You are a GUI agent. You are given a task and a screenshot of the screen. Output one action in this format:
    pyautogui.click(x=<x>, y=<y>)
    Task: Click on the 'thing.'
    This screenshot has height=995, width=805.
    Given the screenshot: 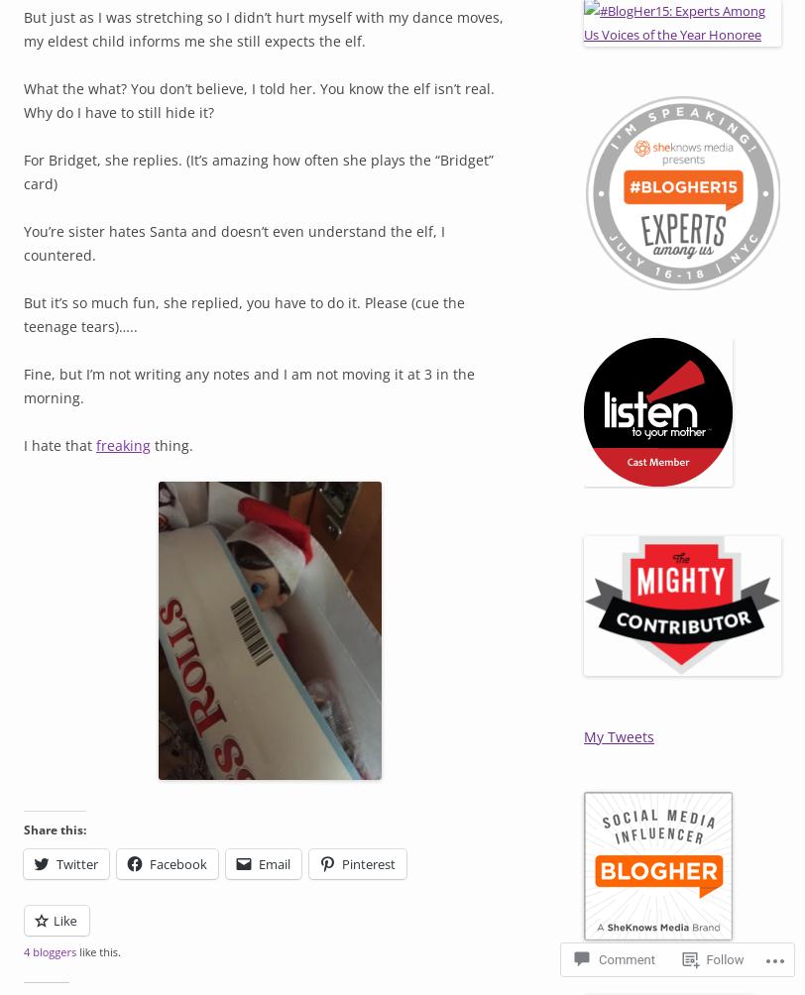 What is the action you would take?
    pyautogui.click(x=151, y=443)
    